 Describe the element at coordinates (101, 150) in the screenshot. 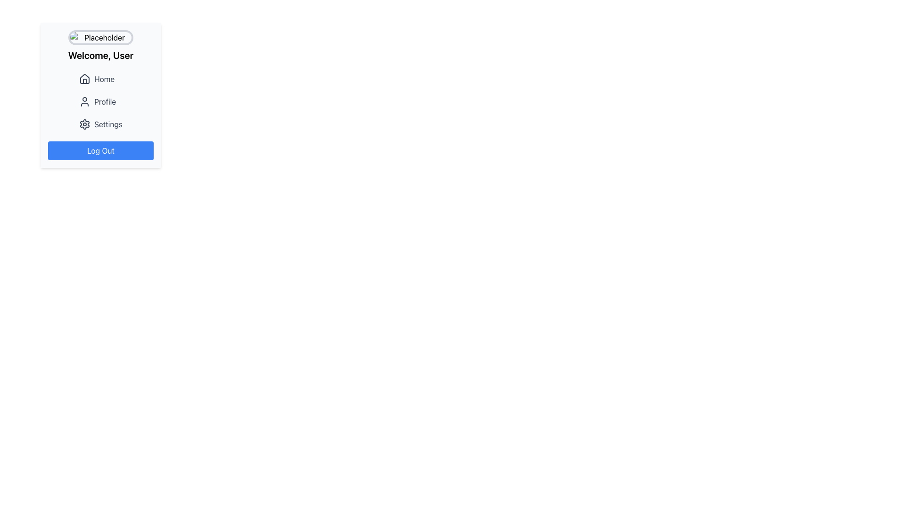

I see `the 'Log Out' button, which is a vibrant blue rectangular button with rounded corners and white bold text, located at the bottom of a vertically centered card layout` at that location.